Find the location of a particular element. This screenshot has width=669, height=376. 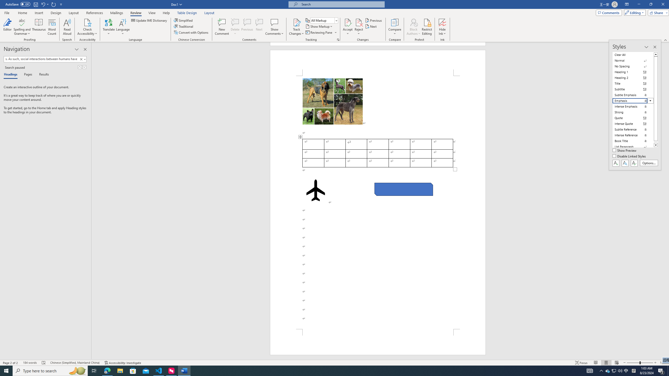

'Word Count 184 words' is located at coordinates (30, 363).